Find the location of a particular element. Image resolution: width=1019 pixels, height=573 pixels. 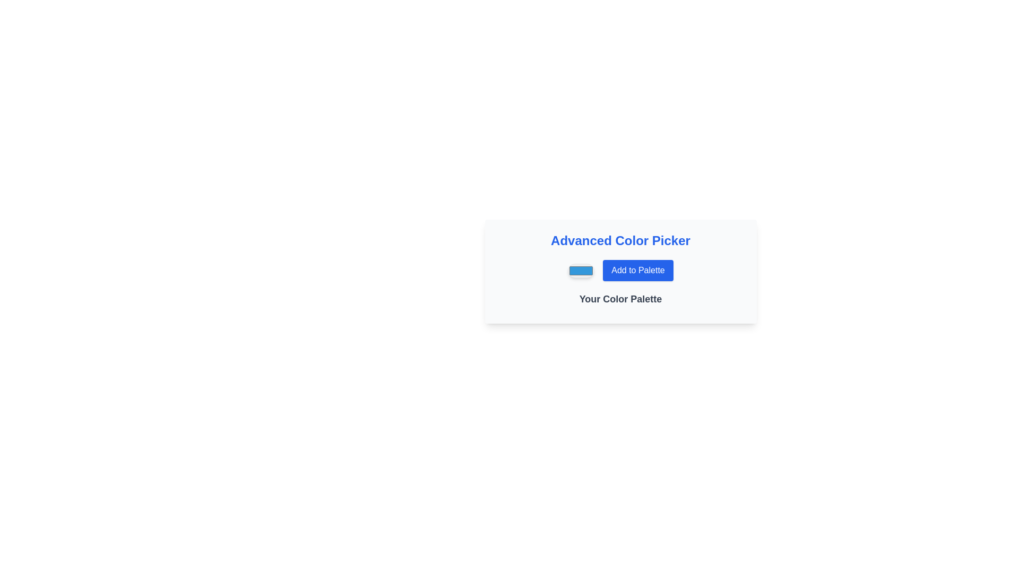

the Click button group for additional interaction effects, which is located below the 'Advanced Color Picker' heading and above 'Your Color Palette' is located at coordinates (620, 270).